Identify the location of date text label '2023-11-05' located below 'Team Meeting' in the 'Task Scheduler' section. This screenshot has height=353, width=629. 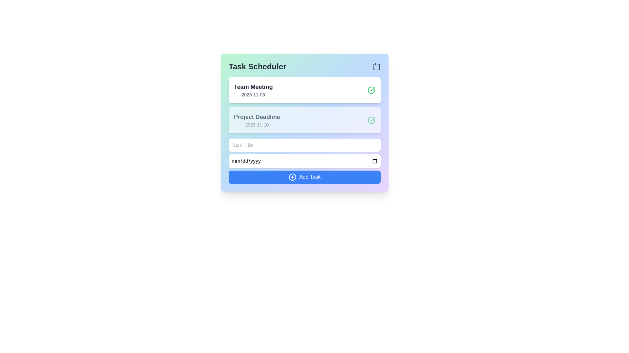
(253, 94).